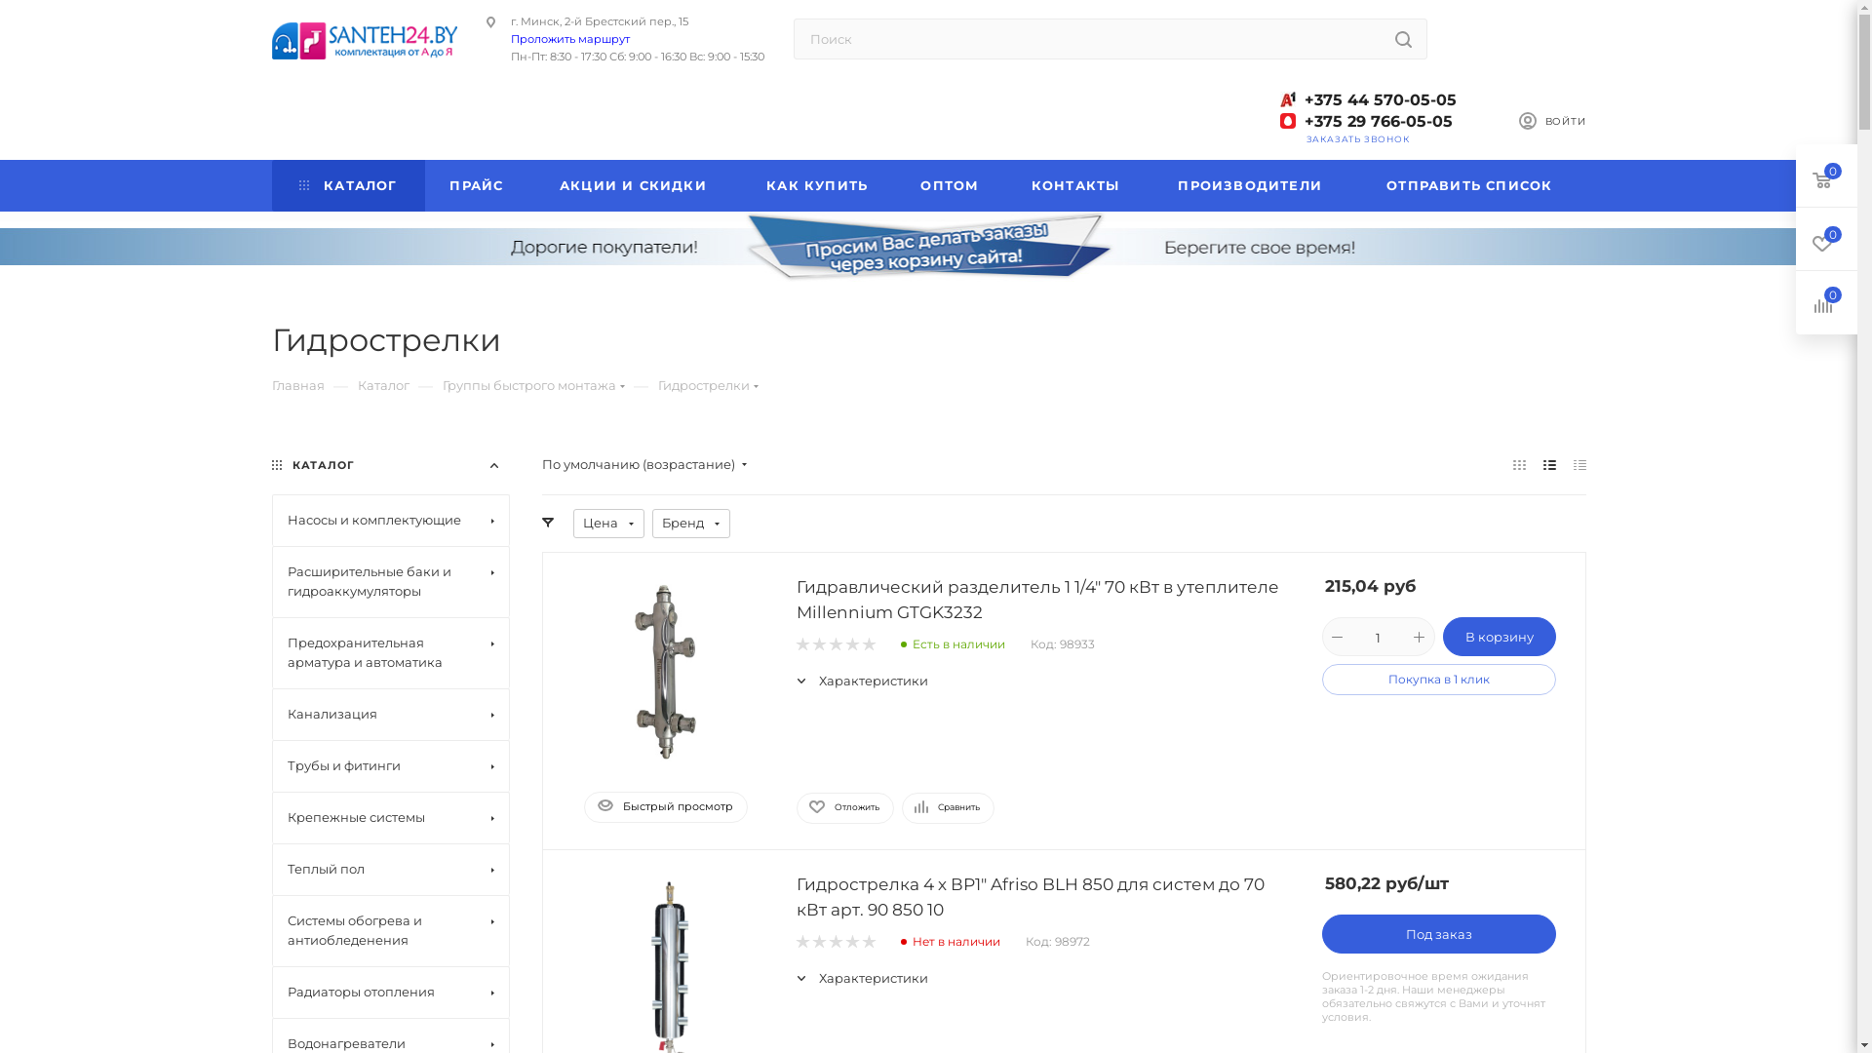 This screenshot has height=1053, width=1872. Describe the element at coordinates (819, 644) in the screenshot. I see `'2'` at that location.